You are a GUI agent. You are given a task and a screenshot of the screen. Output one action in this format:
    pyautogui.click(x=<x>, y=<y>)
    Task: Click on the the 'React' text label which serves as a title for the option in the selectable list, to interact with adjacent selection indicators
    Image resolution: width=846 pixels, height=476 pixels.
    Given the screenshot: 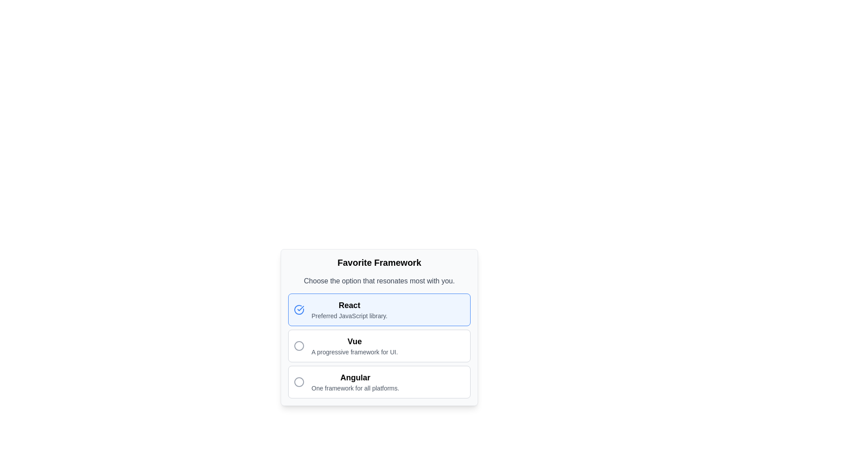 What is the action you would take?
    pyautogui.click(x=349, y=305)
    